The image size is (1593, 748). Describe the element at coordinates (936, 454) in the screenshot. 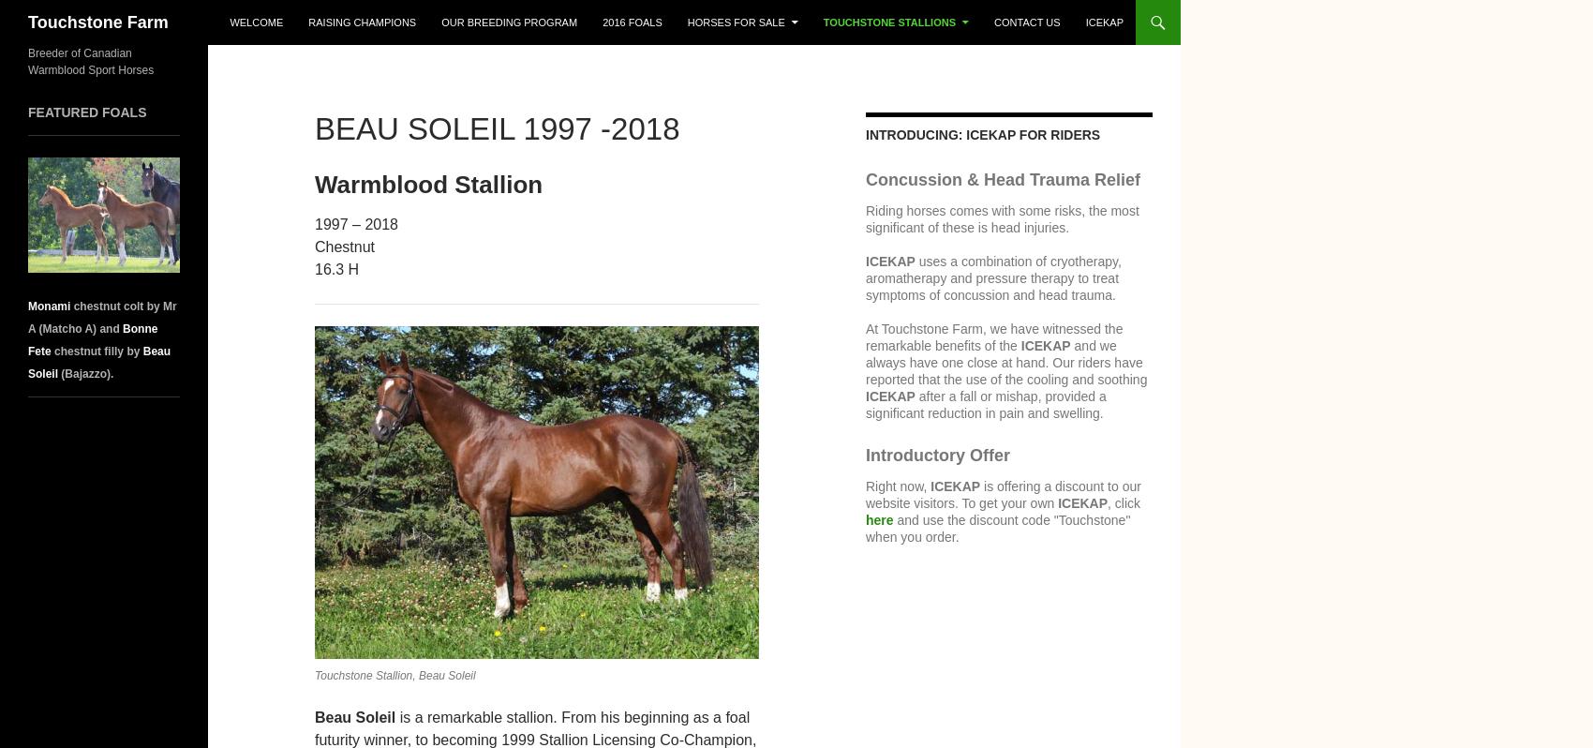

I see `'Introductory Offer'` at that location.